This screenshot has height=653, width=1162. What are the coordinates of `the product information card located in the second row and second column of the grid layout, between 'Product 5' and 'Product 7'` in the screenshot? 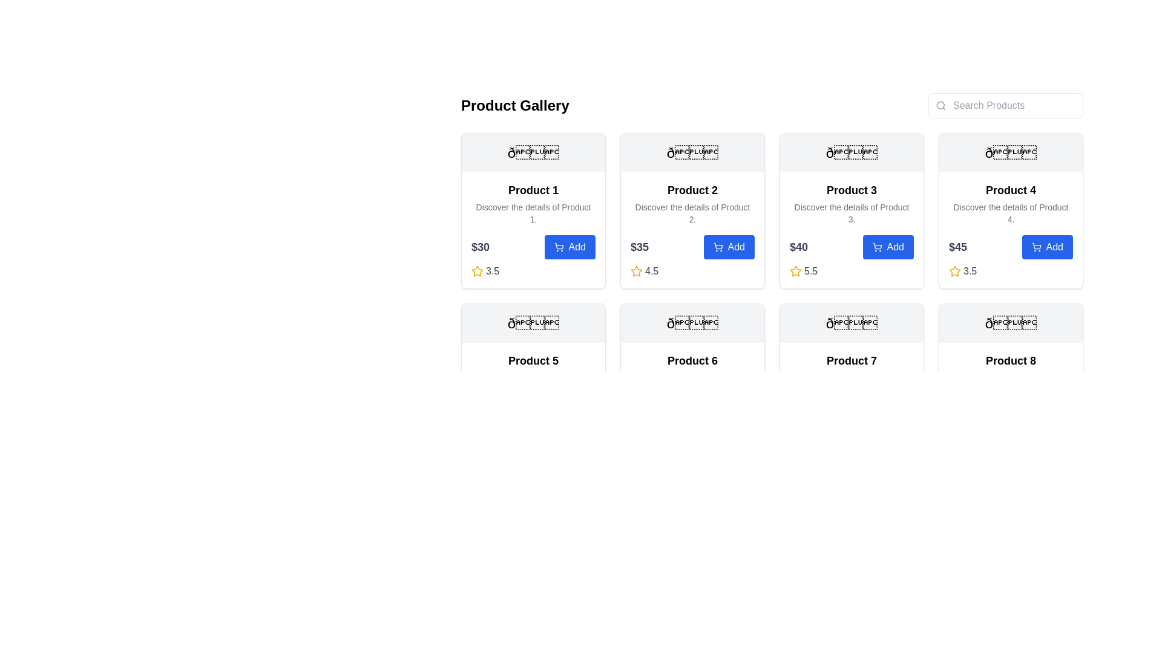 It's located at (692, 382).